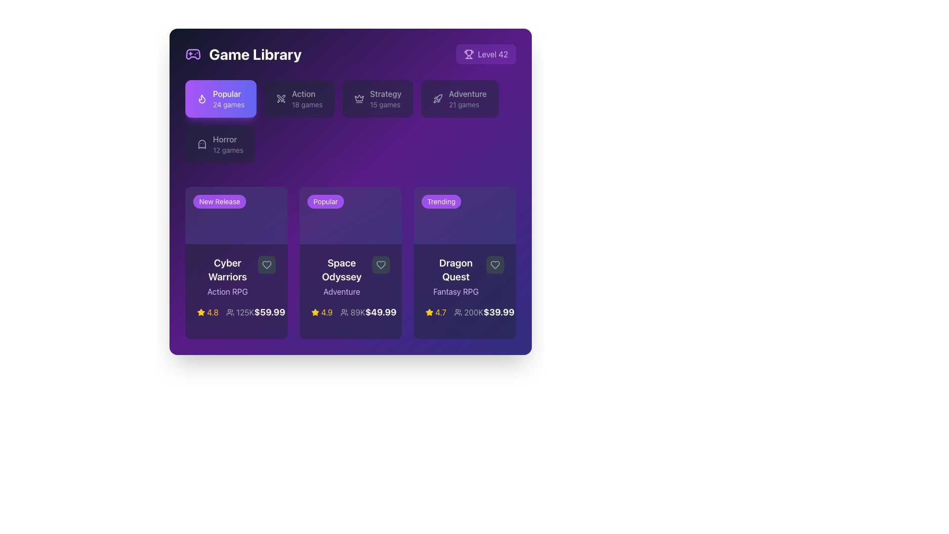  What do you see at coordinates (467, 105) in the screenshot?
I see `the text label indicating the number of games available in the 'Adventure' category for information purposes` at bounding box center [467, 105].